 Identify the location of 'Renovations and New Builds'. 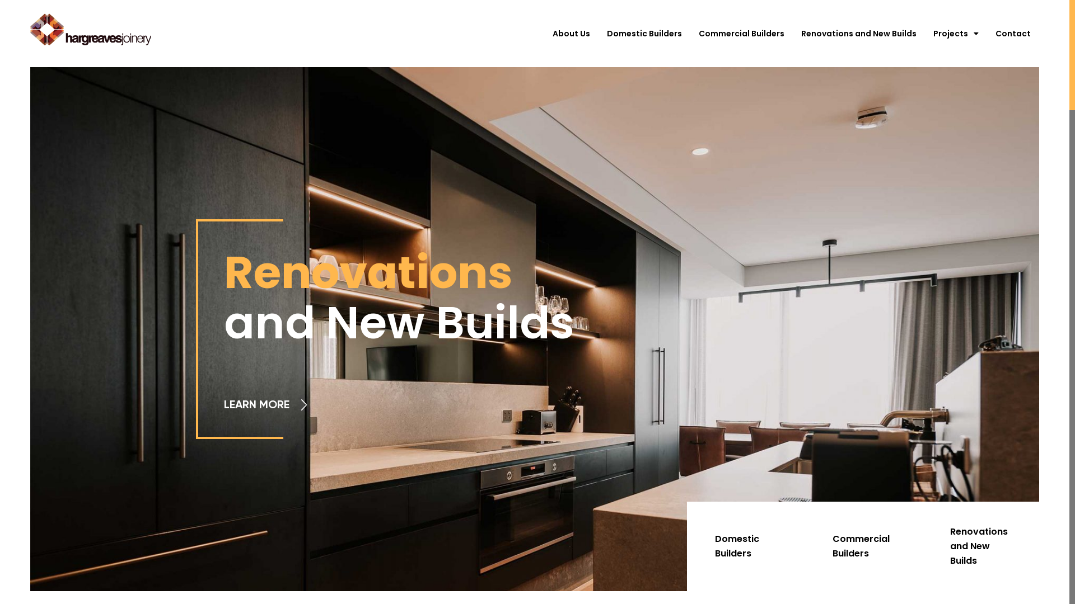
(858, 33).